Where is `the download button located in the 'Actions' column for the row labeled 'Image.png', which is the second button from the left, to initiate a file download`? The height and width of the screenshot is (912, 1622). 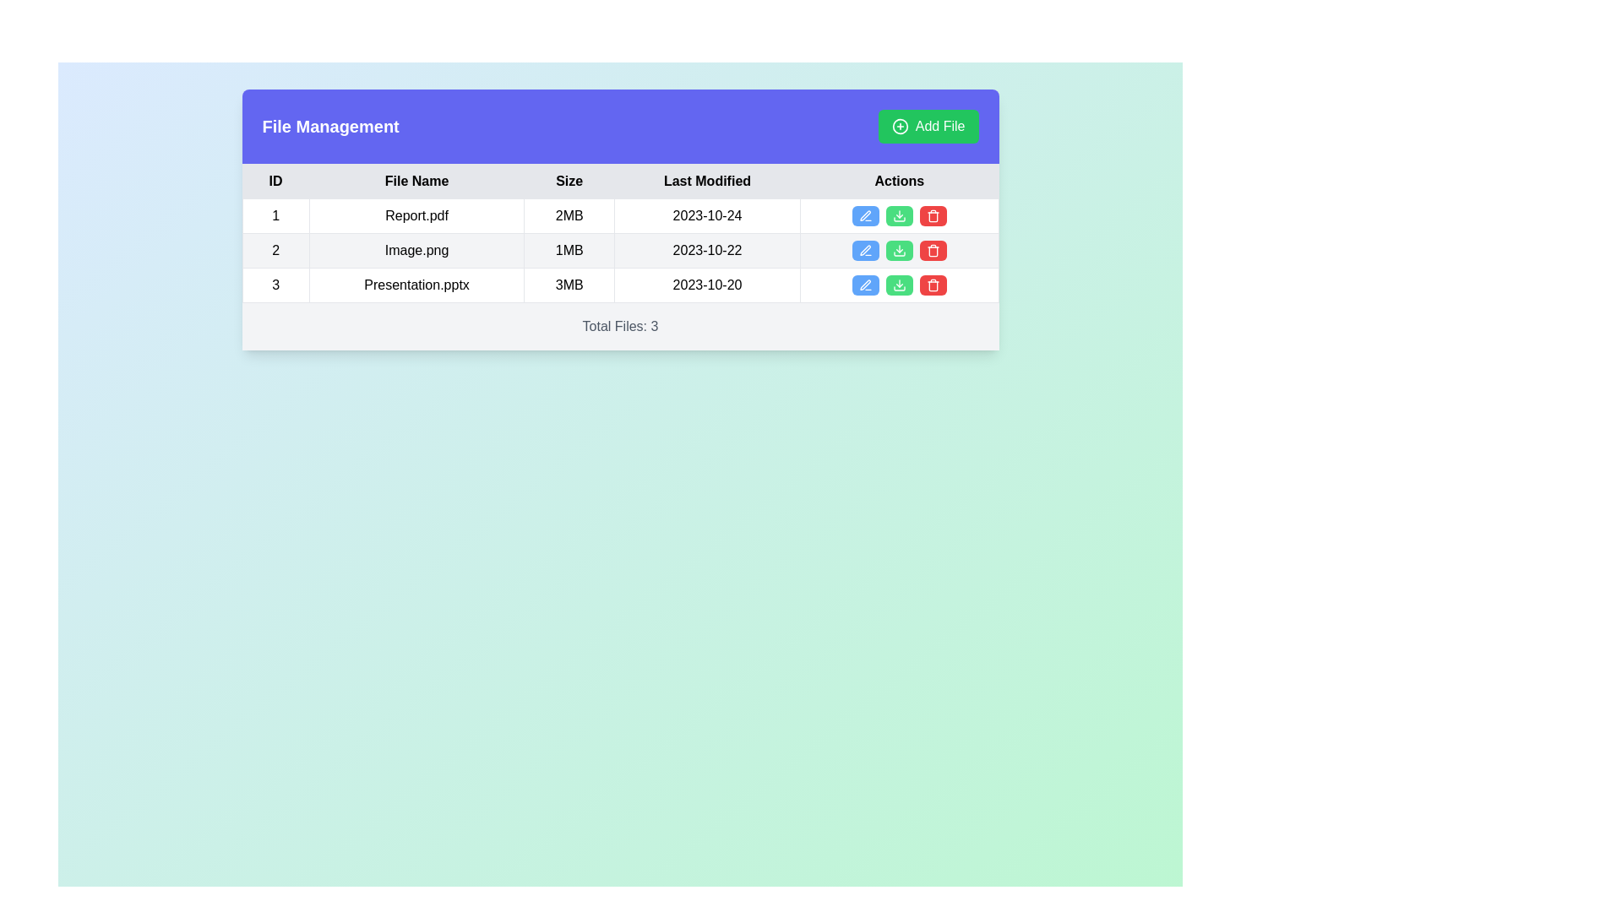
the download button located in the 'Actions' column for the row labeled 'Image.png', which is the second button from the left, to initiate a file download is located at coordinates (898, 251).